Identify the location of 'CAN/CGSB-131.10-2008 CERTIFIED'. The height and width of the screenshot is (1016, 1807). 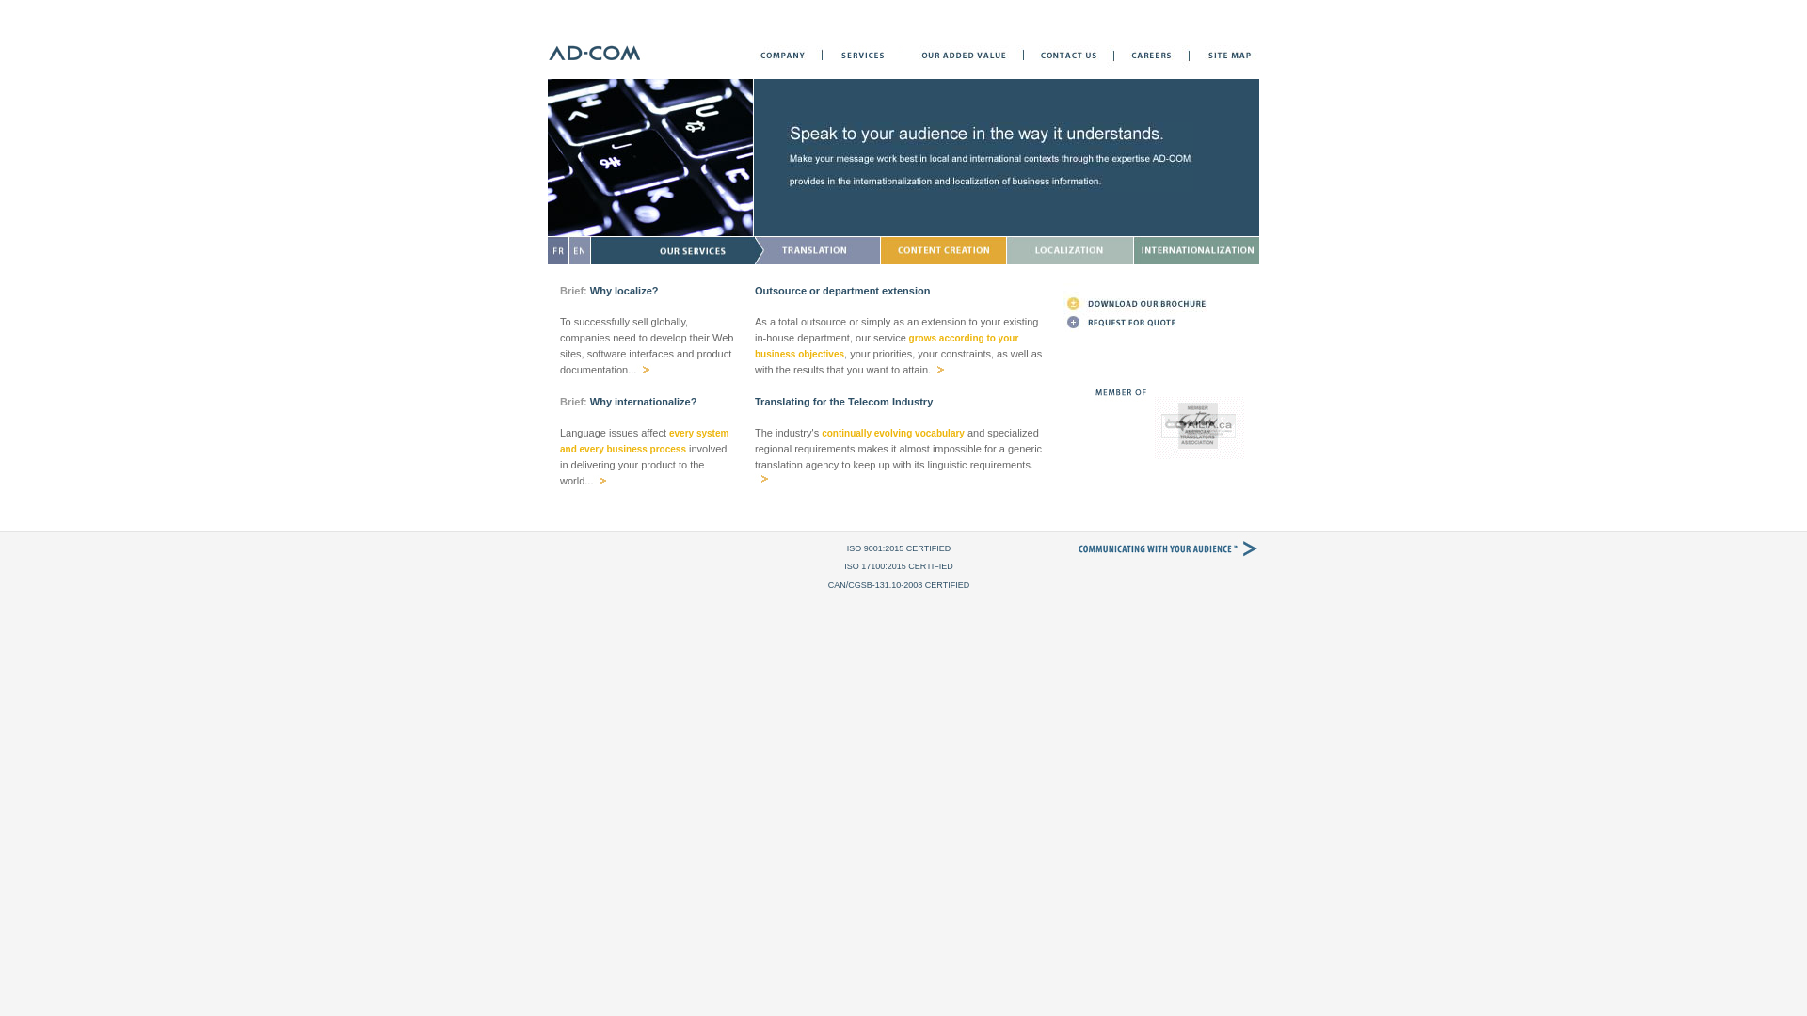
(898, 583).